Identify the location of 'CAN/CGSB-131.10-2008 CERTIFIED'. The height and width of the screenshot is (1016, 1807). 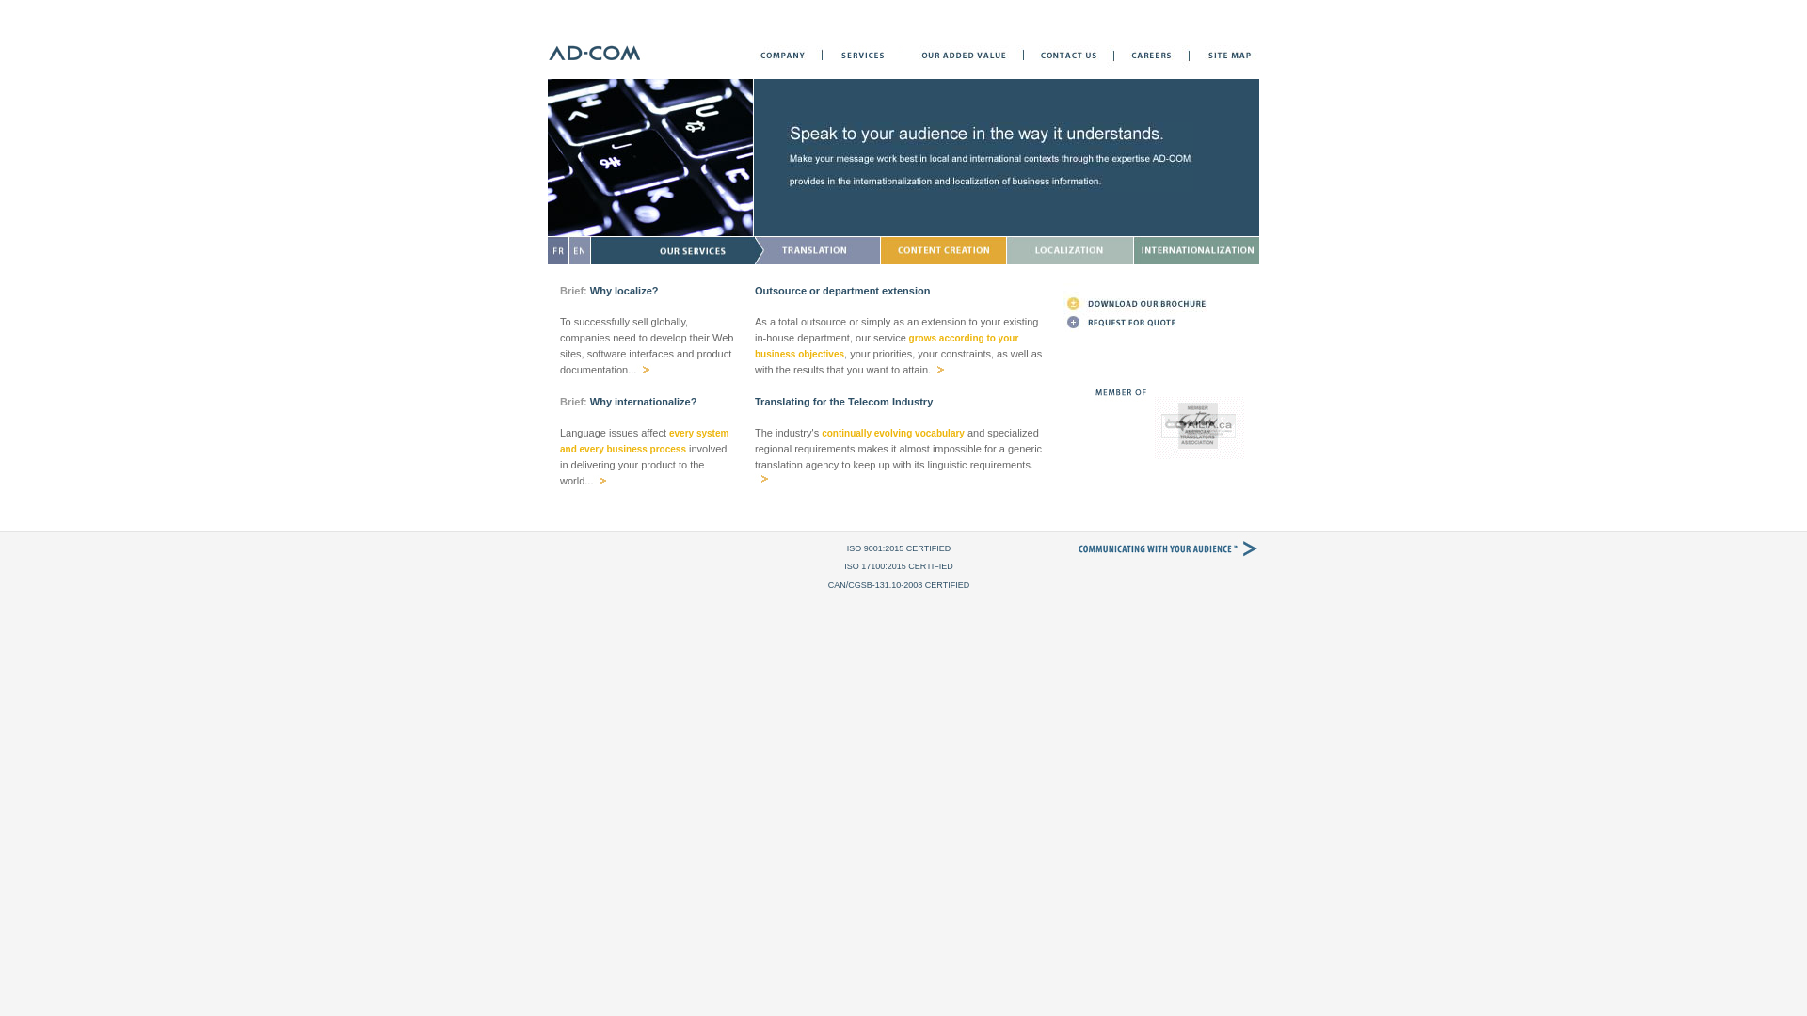
(898, 583).